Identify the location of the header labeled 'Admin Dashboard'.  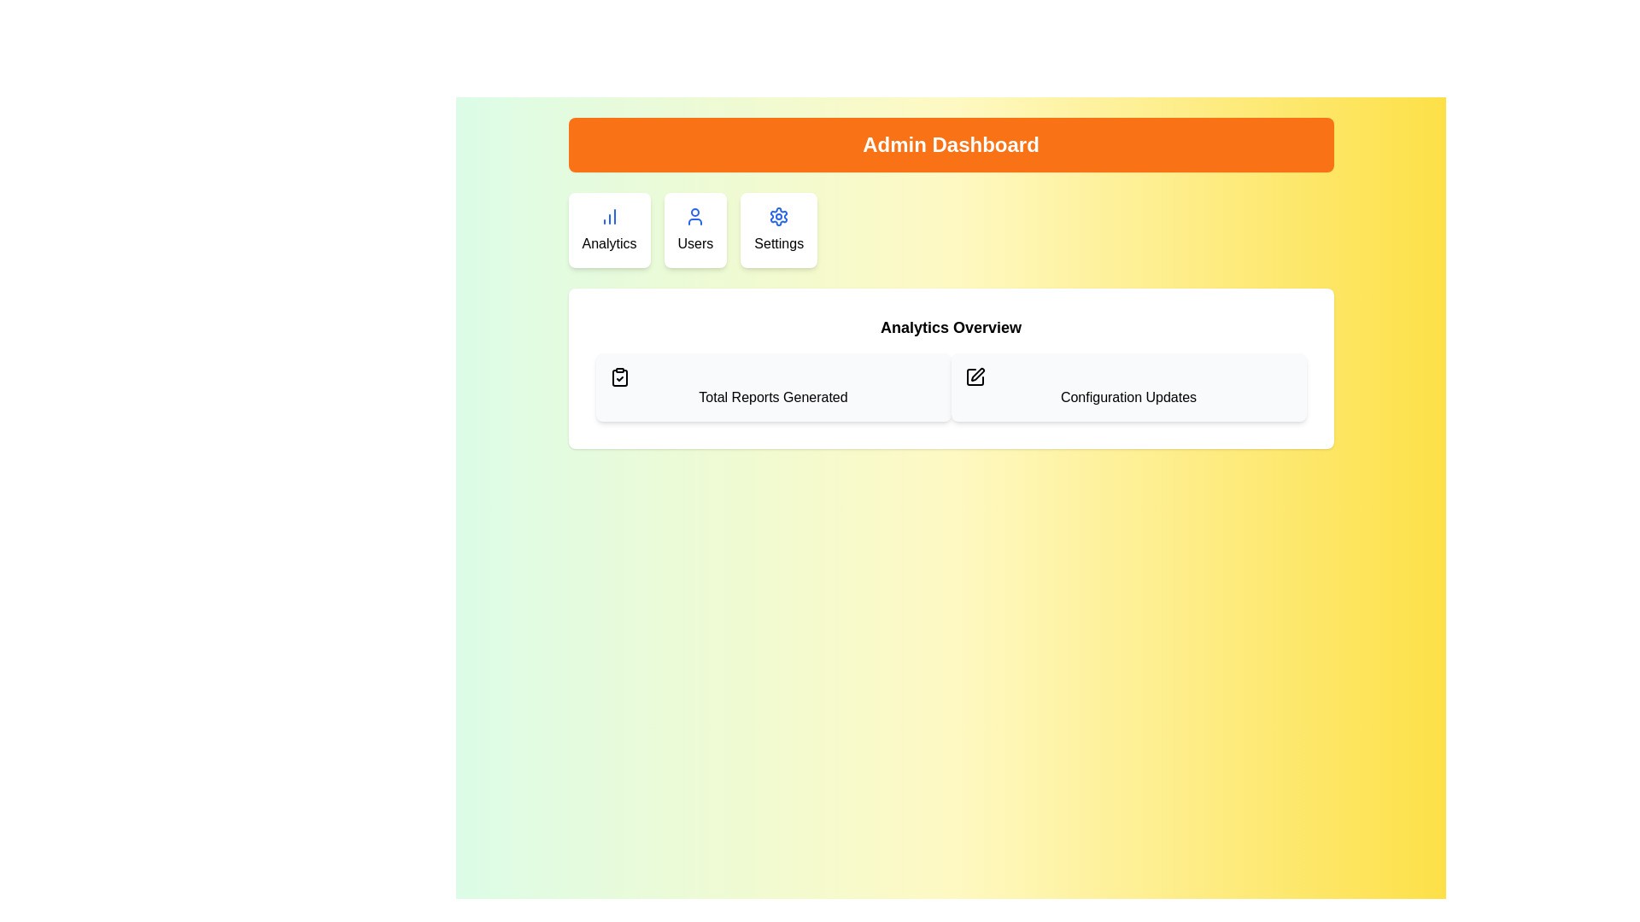
(950, 143).